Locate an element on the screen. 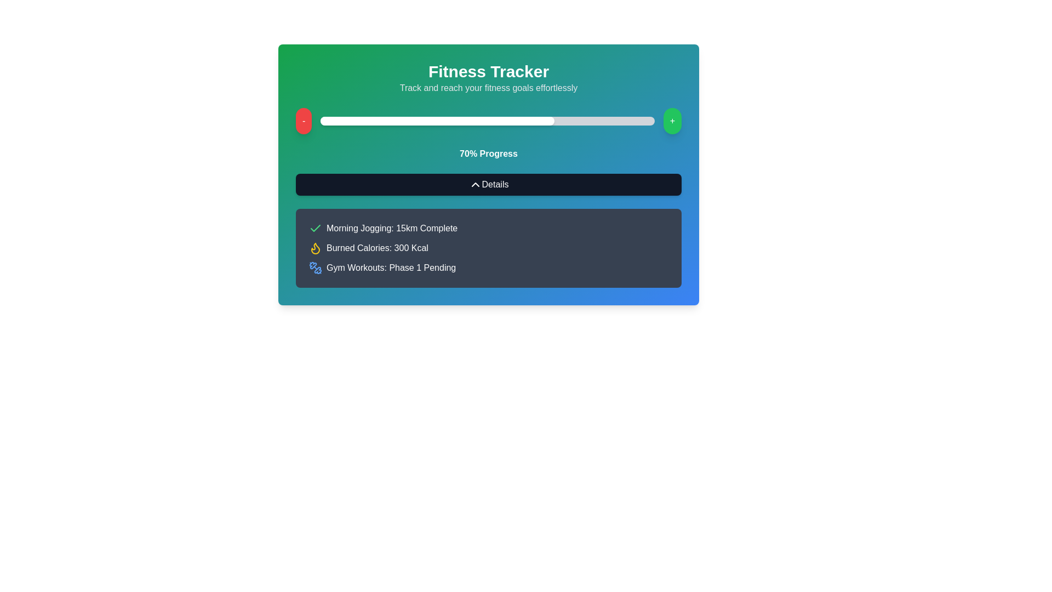 The width and height of the screenshot is (1052, 592). progress percentage displayed as '70% Progress' in white bold font, located below the progress bar and above the 'Details' button is located at coordinates (488, 154).